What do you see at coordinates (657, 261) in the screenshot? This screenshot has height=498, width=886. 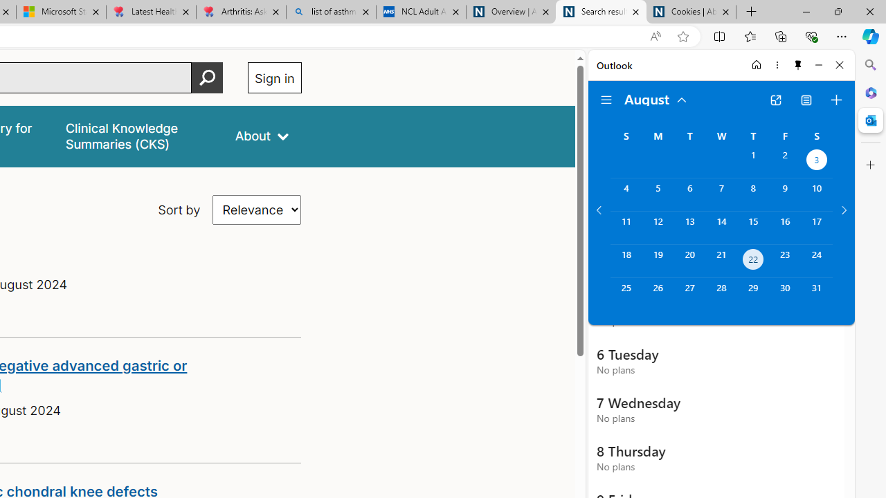 I see `'Monday, August 19, 2024. '` at bounding box center [657, 261].